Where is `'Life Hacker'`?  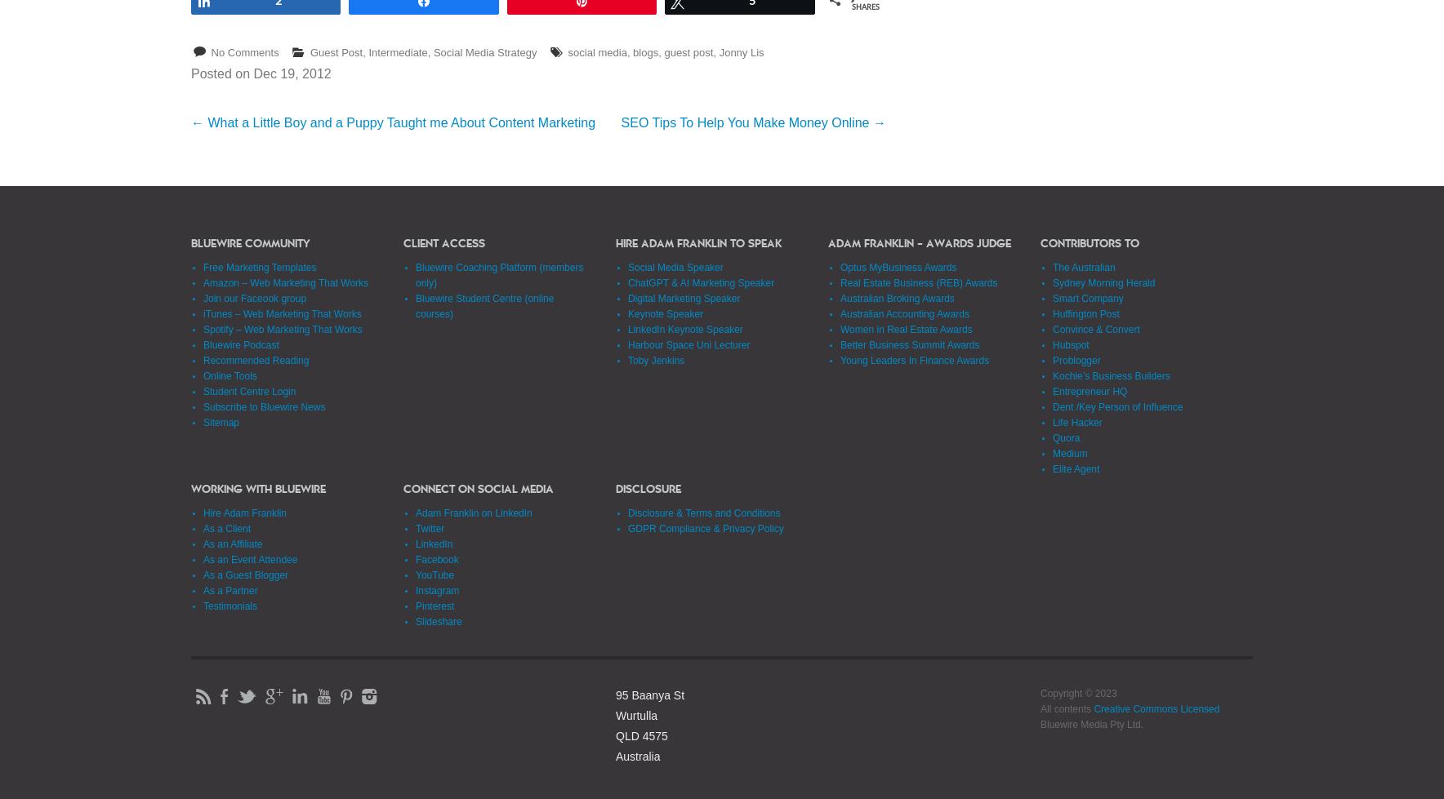
'Life Hacker' is located at coordinates (1076, 421).